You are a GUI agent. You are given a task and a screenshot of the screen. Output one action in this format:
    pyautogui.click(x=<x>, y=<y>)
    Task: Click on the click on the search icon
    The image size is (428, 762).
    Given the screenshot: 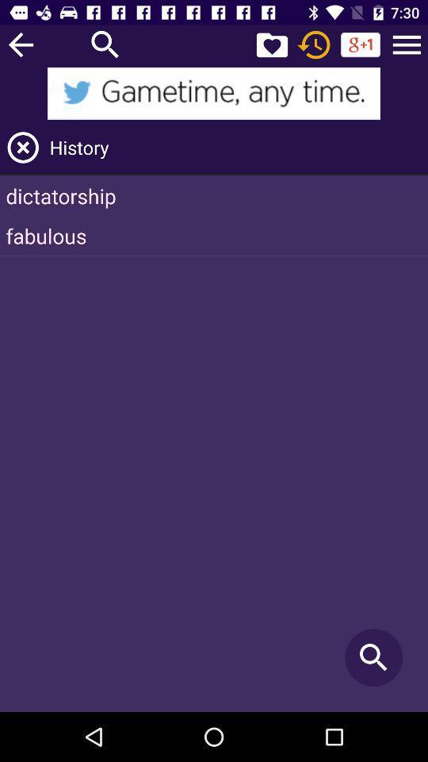 What is the action you would take?
    pyautogui.click(x=105, y=44)
    